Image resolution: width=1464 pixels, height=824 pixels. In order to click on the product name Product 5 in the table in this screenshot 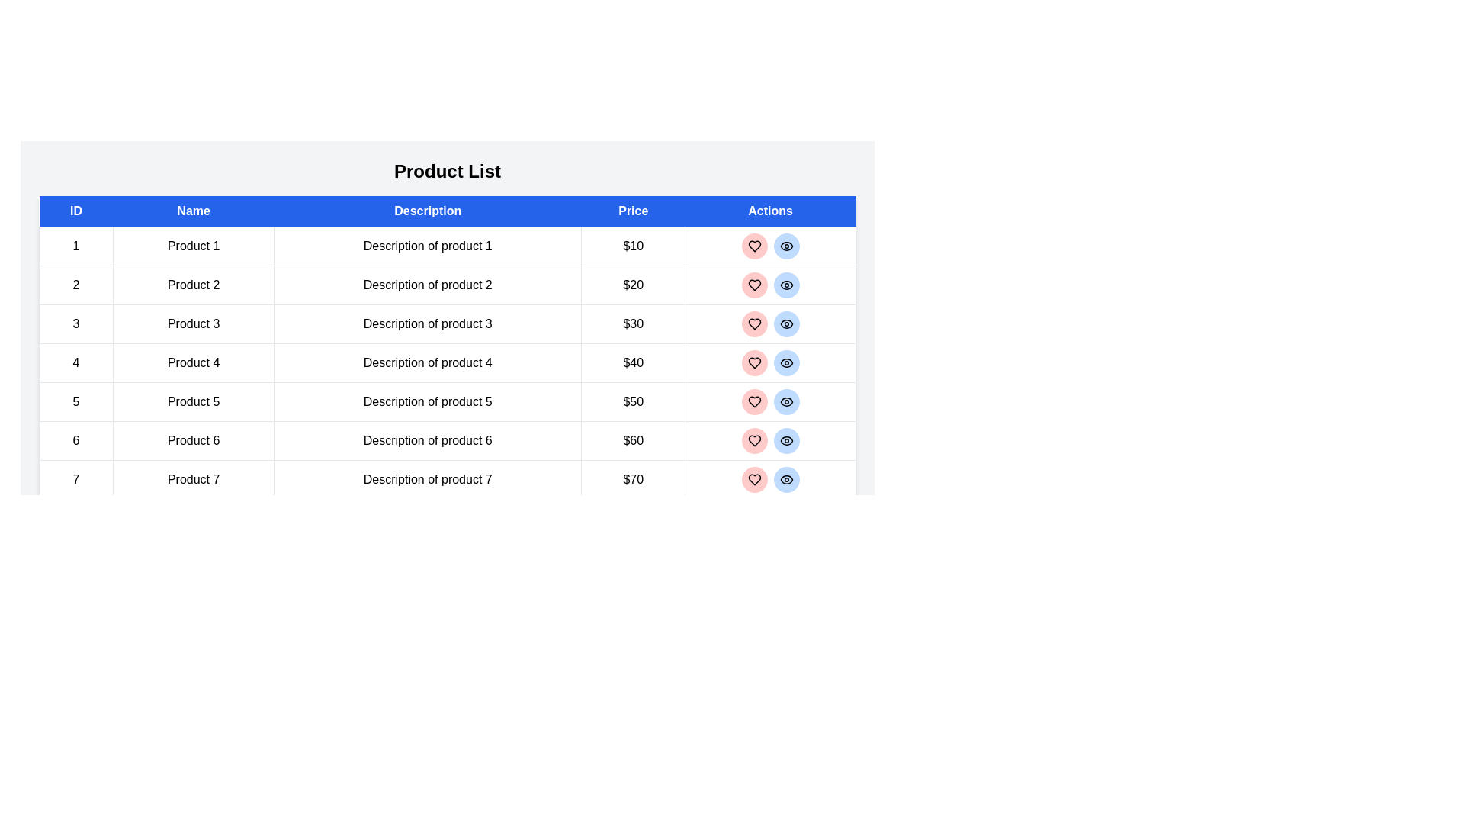, I will do `click(193, 401)`.